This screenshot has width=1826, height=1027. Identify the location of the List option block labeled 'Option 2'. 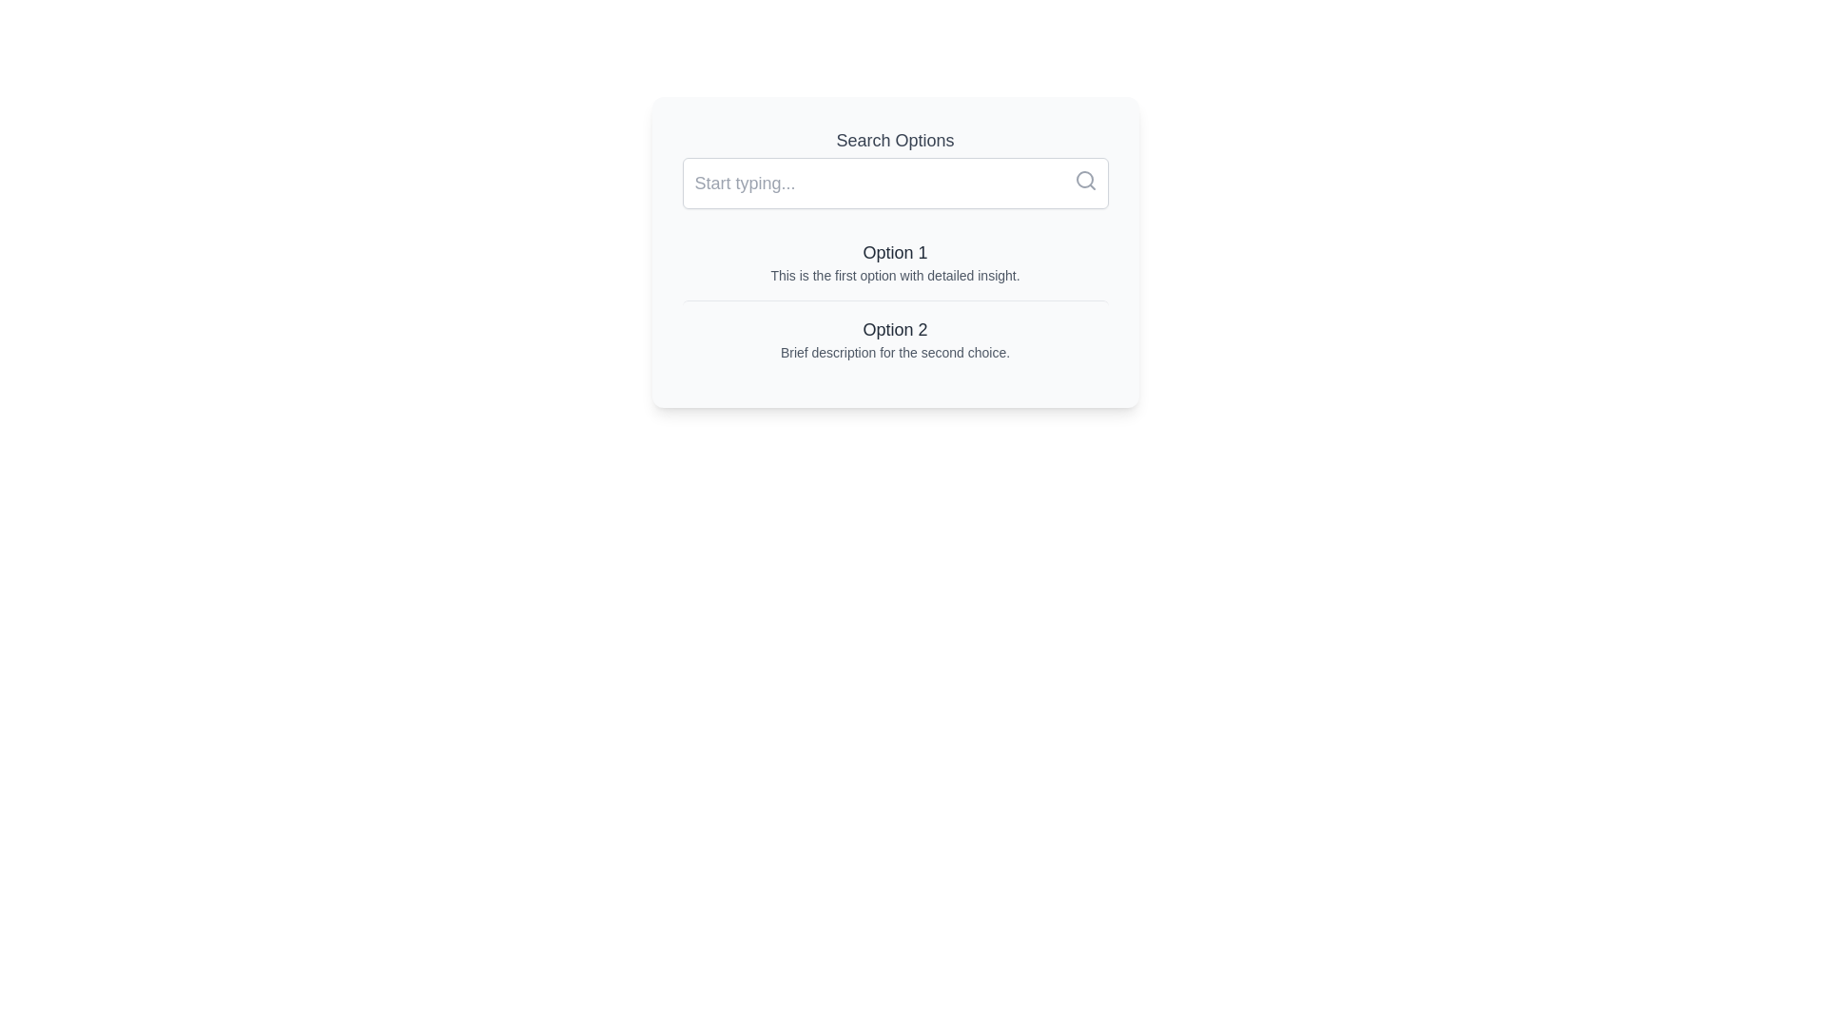
(894, 338).